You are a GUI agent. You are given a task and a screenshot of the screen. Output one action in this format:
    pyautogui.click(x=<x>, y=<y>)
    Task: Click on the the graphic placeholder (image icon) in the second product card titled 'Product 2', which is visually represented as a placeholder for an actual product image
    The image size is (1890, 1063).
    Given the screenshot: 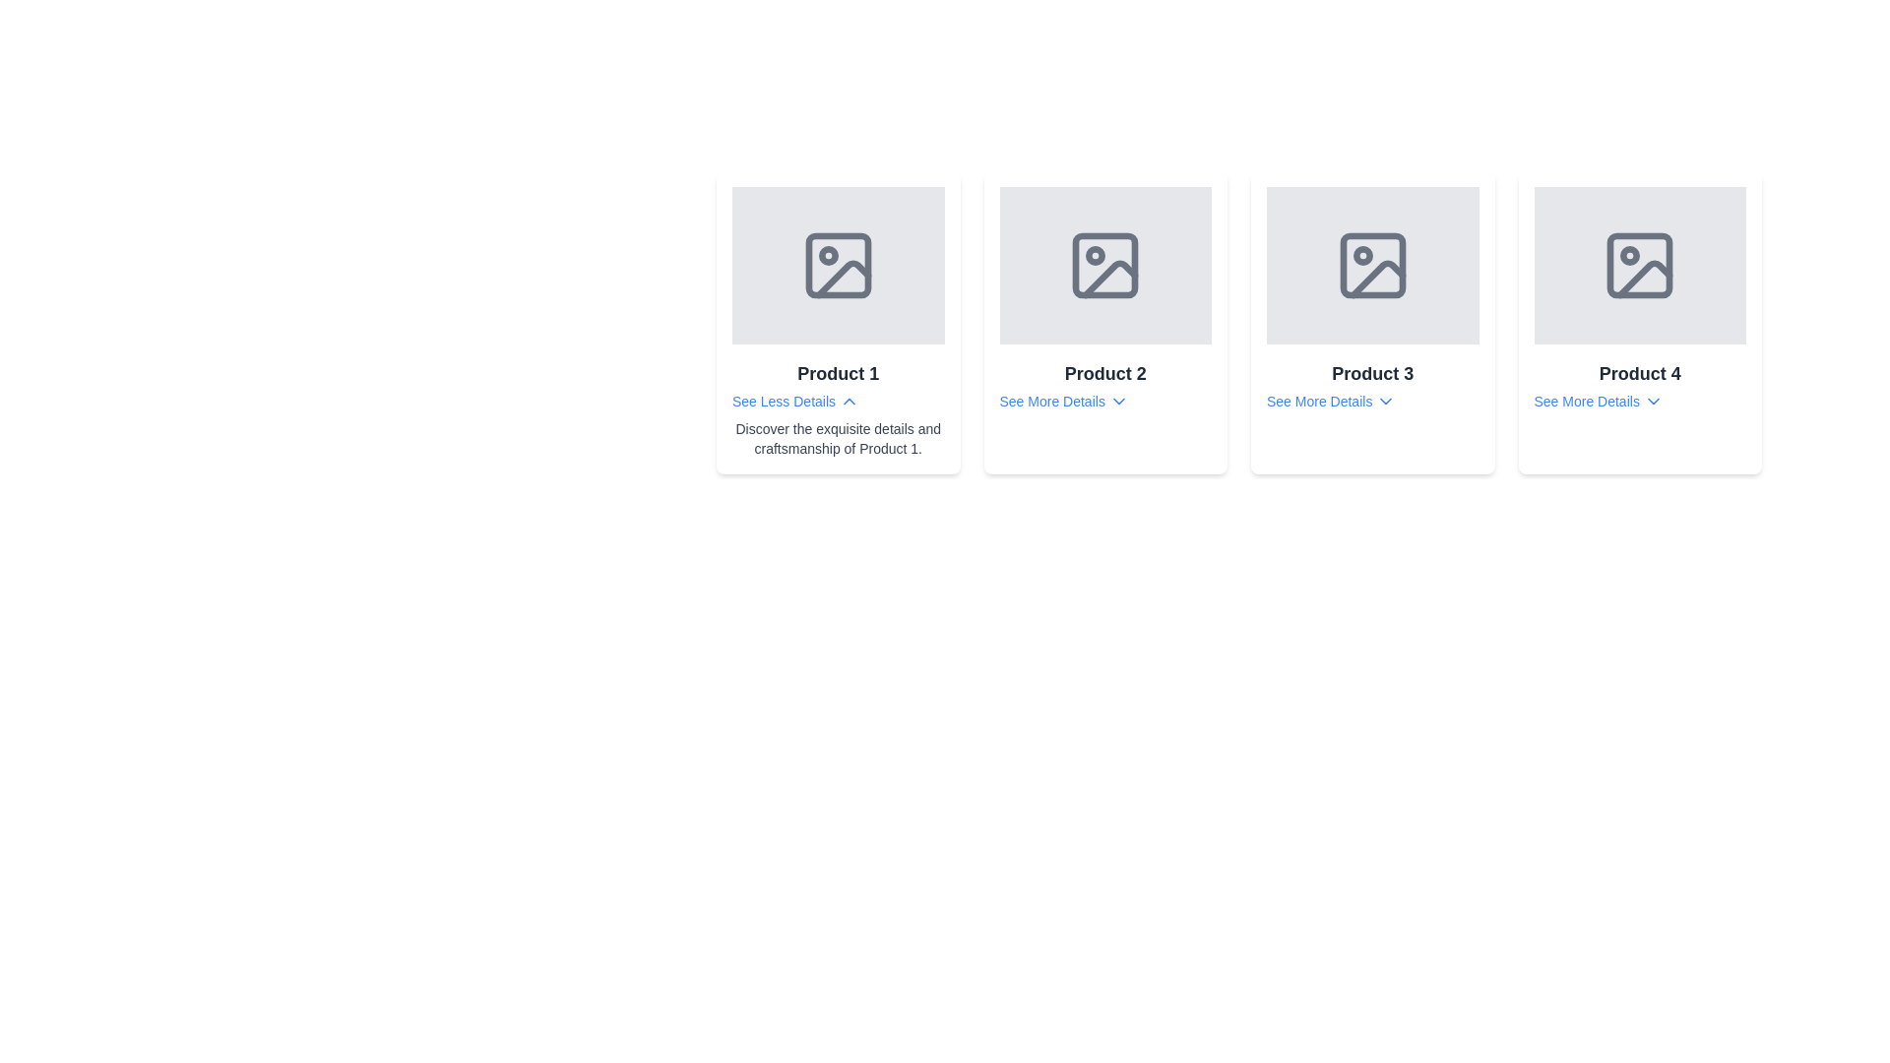 What is the action you would take?
    pyautogui.click(x=1105, y=266)
    